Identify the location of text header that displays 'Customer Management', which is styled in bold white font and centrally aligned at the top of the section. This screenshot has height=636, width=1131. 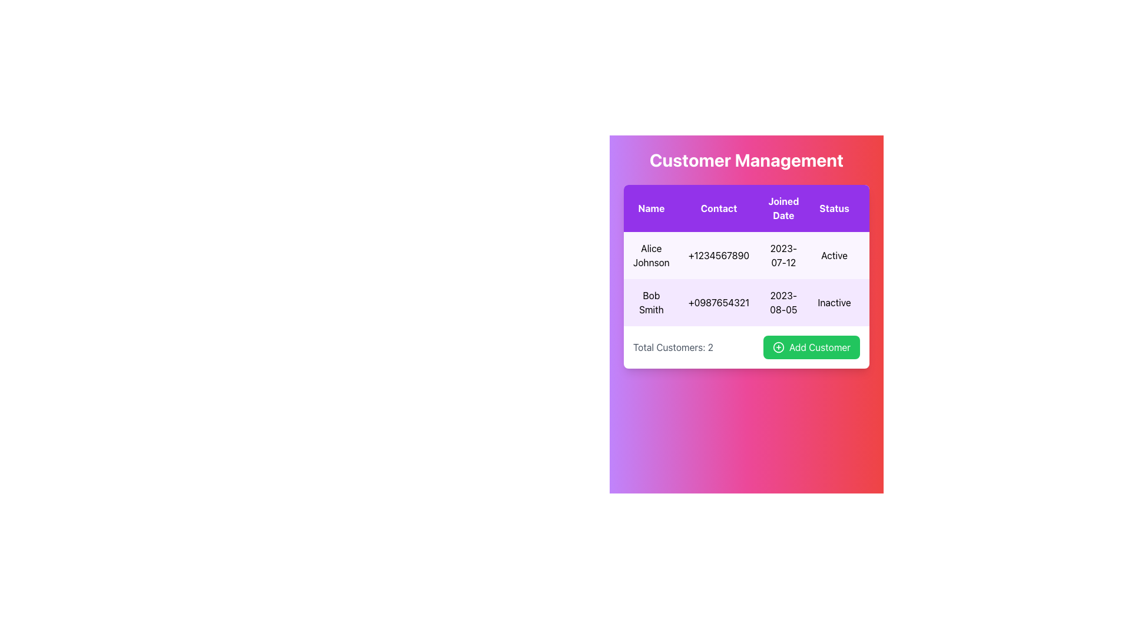
(746, 160).